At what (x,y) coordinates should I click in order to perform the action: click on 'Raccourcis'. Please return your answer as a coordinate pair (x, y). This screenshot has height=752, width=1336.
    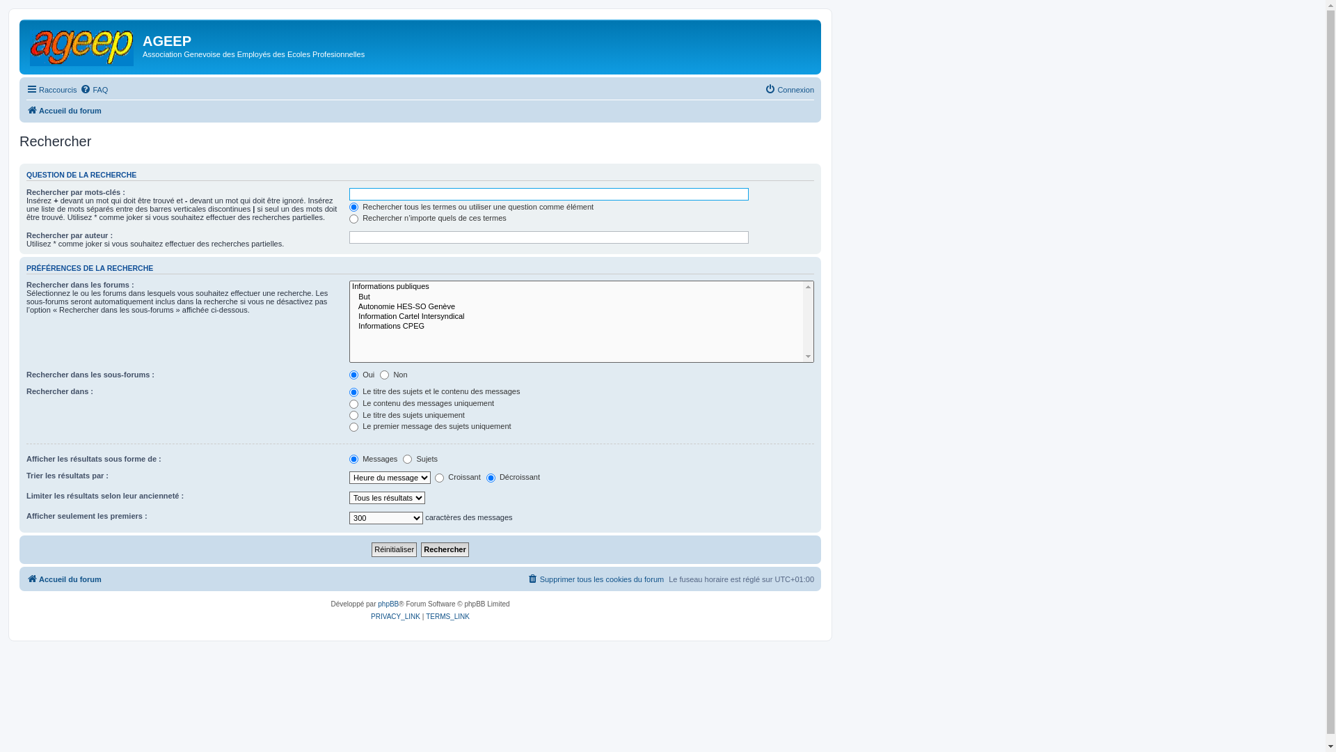
    Looking at the image, I should click on (51, 89).